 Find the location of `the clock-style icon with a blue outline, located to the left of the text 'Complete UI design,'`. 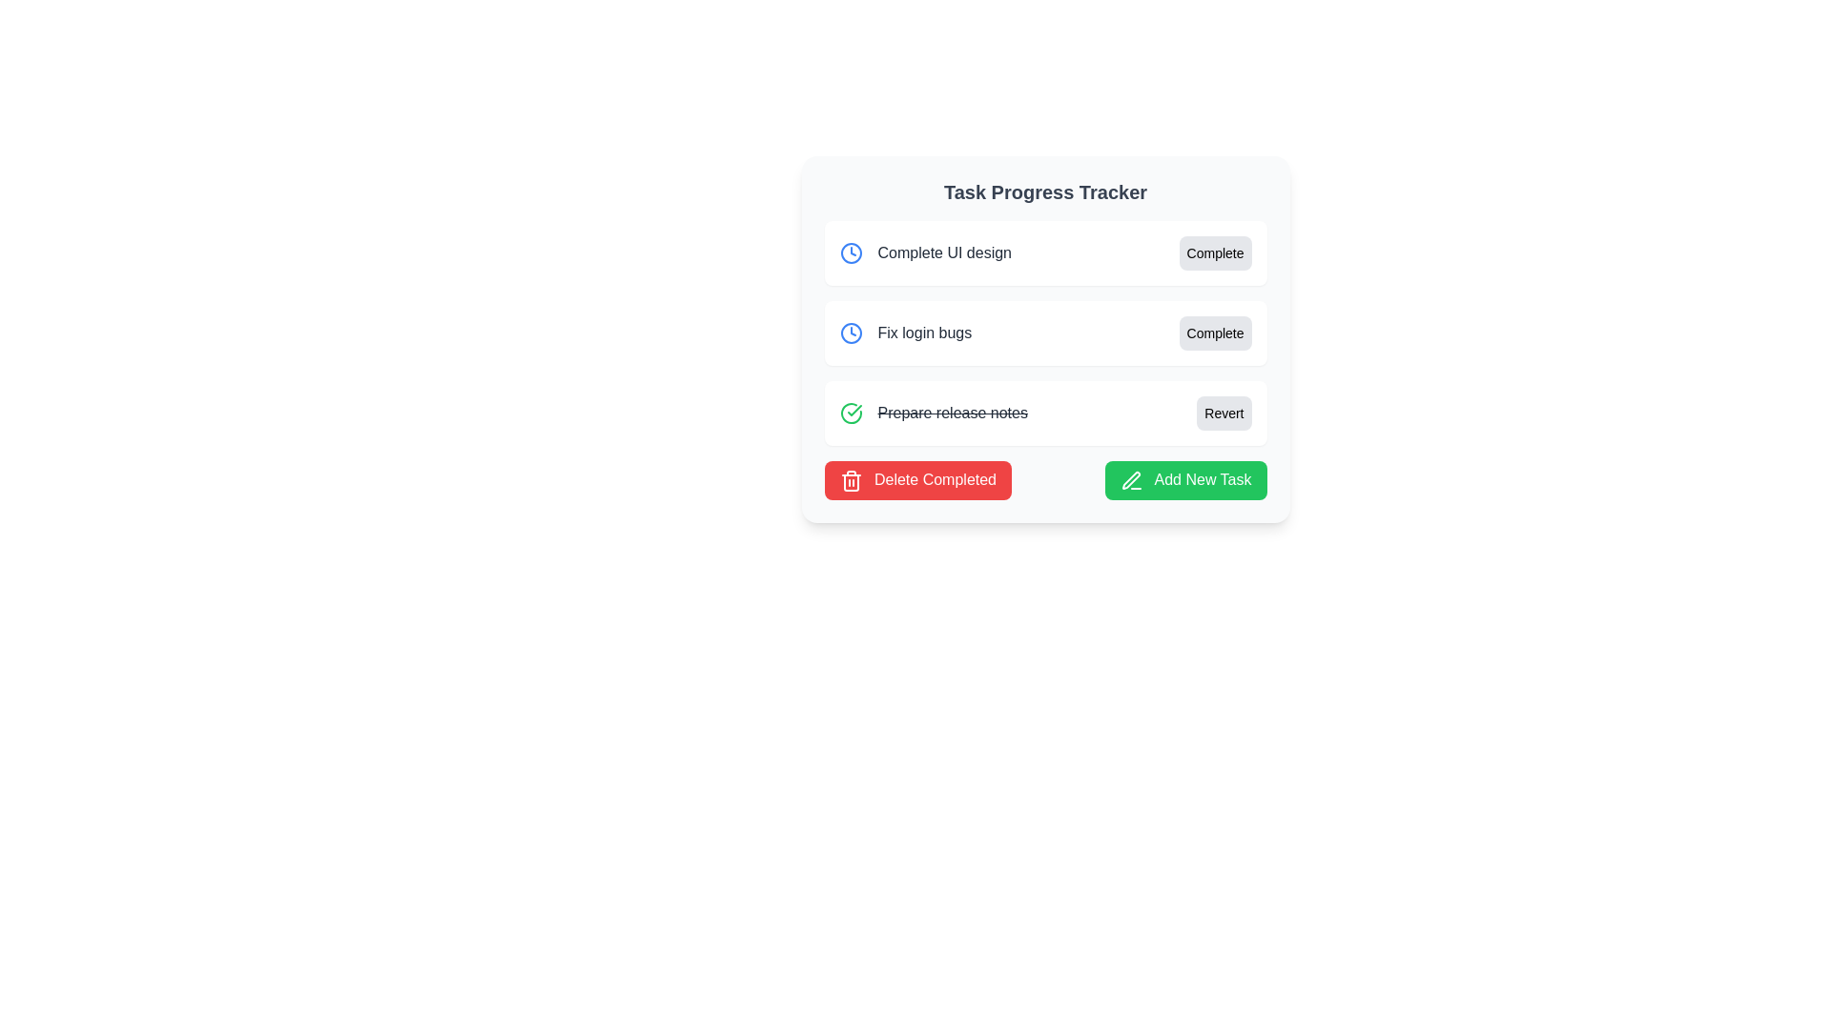

the clock-style icon with a blue outline, located to the left of the text 'Complete UI design,' is located at coordinates (850, 252).